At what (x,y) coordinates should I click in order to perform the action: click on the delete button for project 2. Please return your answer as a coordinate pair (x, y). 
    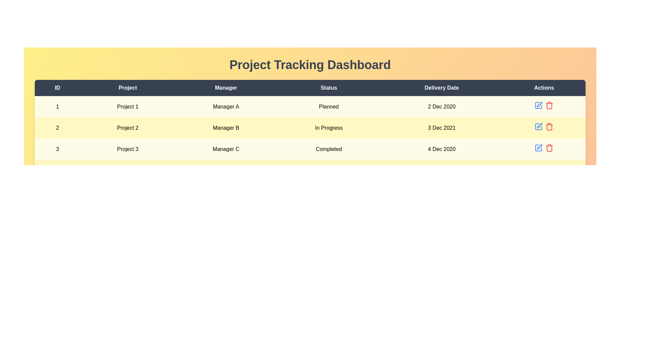
    Looking at the image, I should click on (549, 126).